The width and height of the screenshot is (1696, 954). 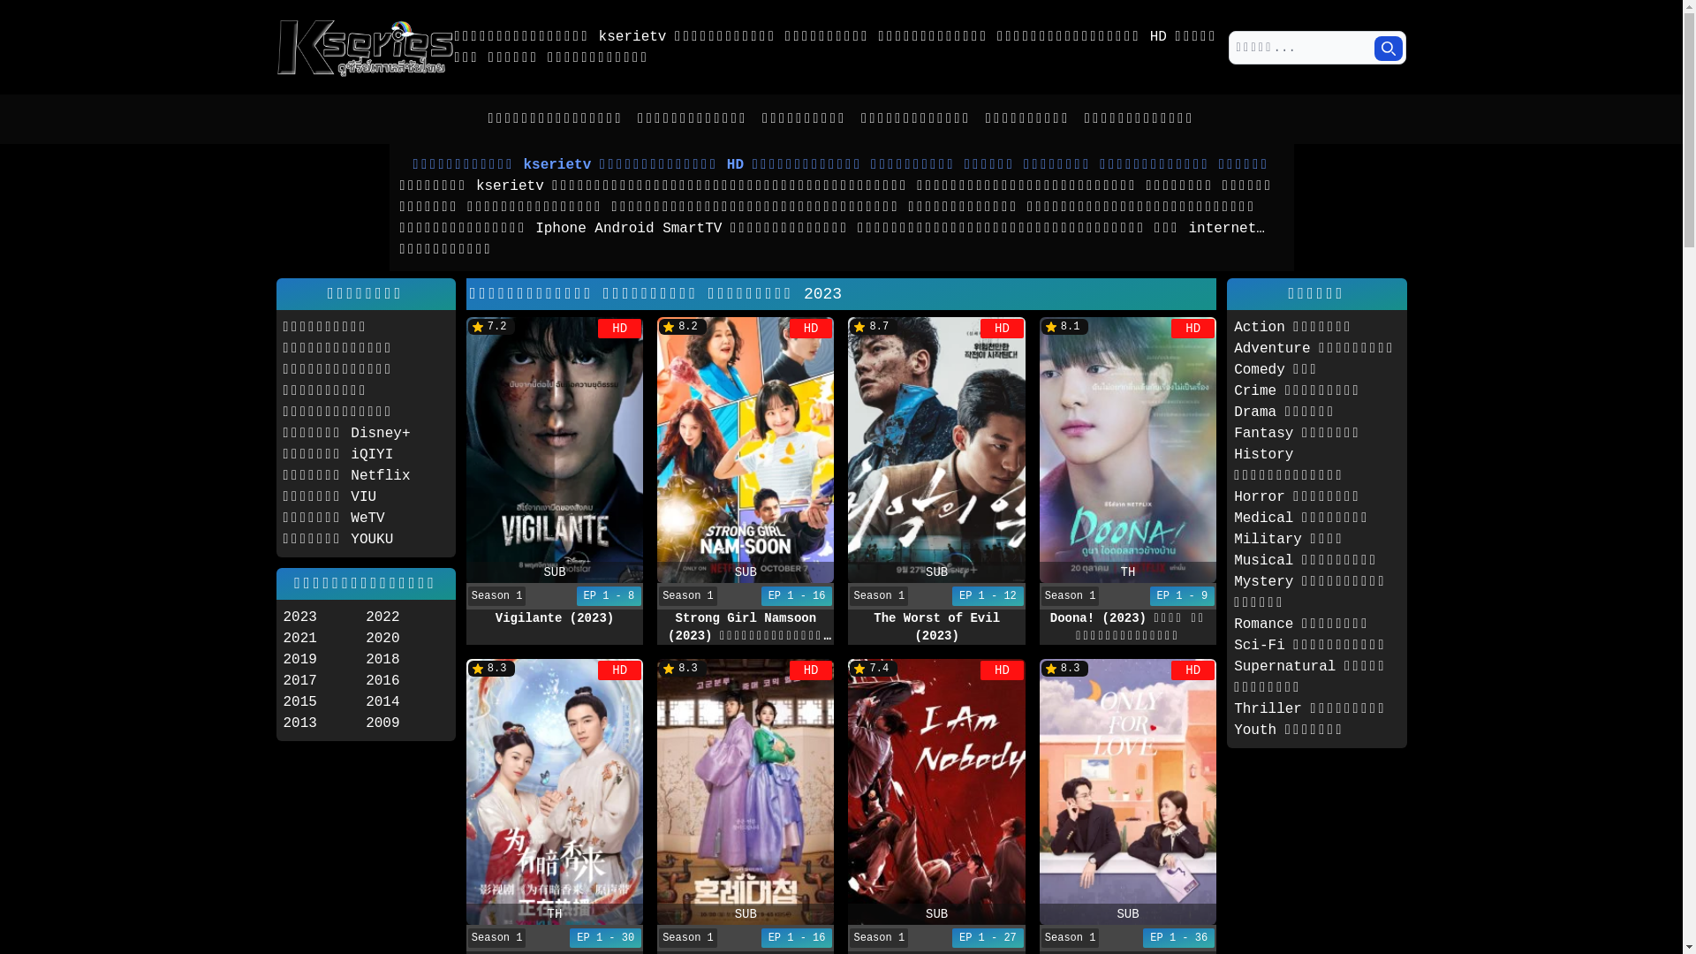 What do you see at coordinates (554, 617) in the screenshot?
I see `'Vigilante (2023)'` at bounding box center [554, 617].